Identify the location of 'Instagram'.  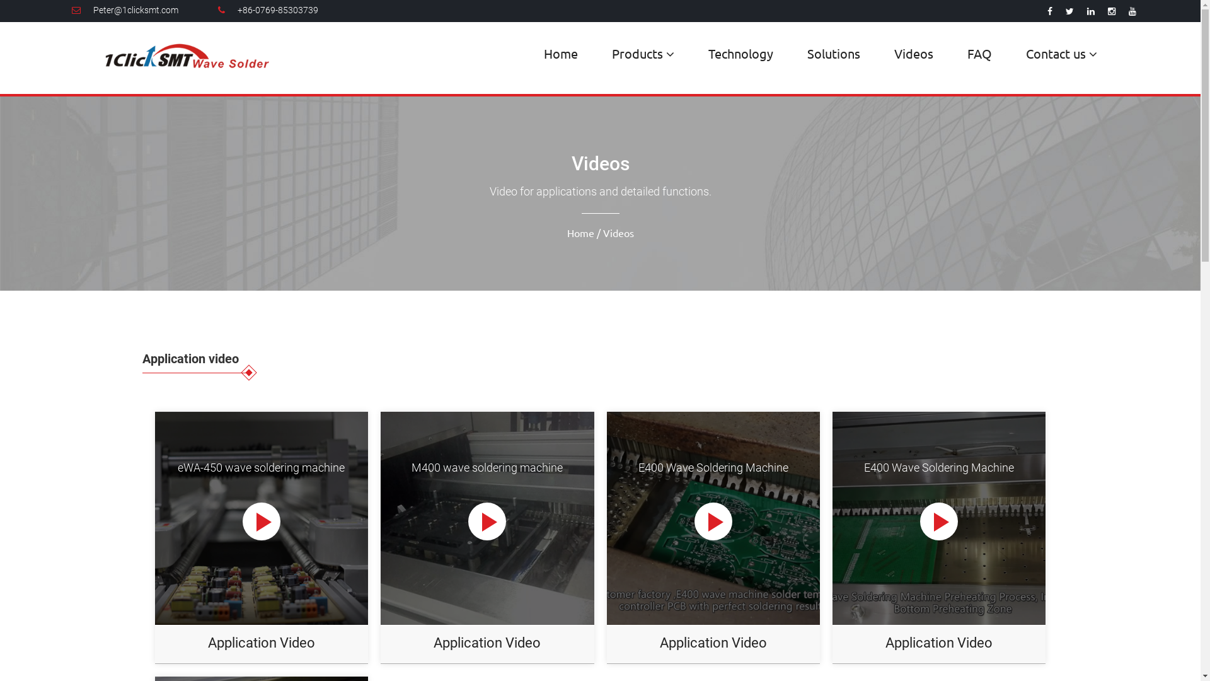
(1111, 11).